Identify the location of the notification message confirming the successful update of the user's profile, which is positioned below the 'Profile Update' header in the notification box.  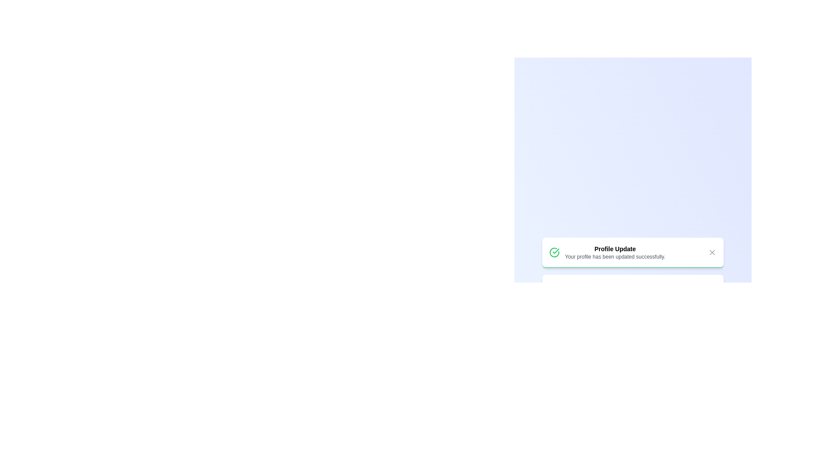
(615, 256).